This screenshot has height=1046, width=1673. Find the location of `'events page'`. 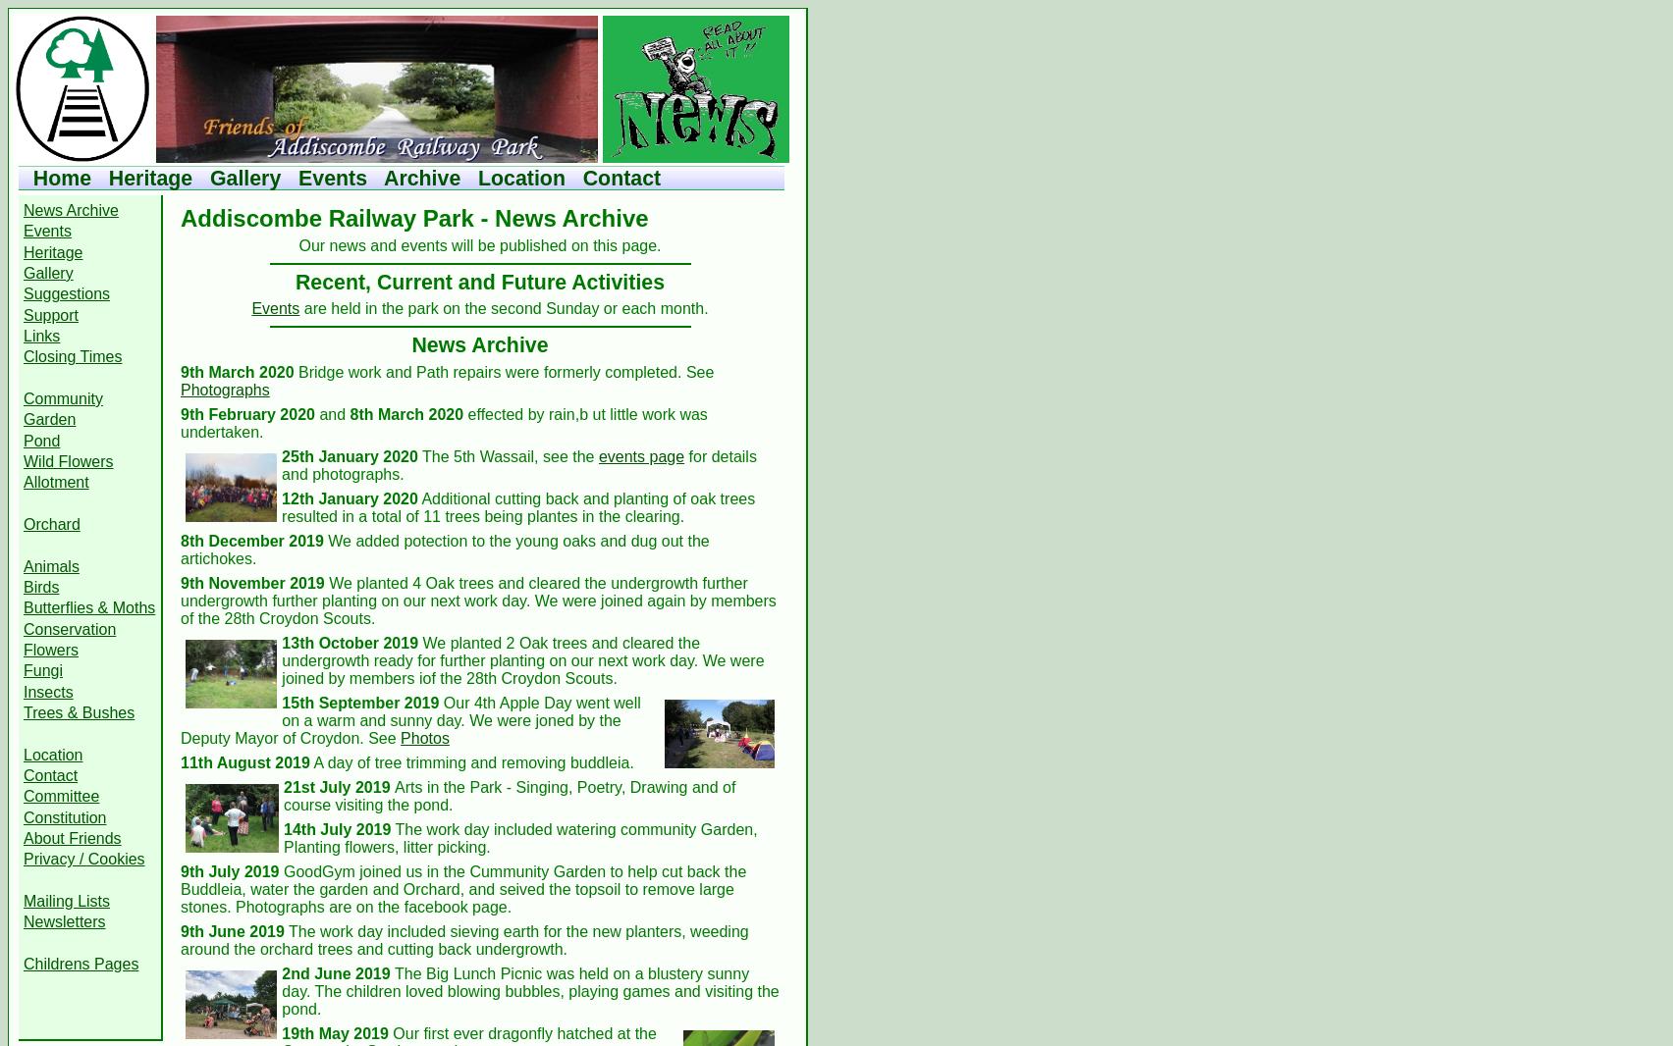

'events page' is located at coordinates (639, 455).